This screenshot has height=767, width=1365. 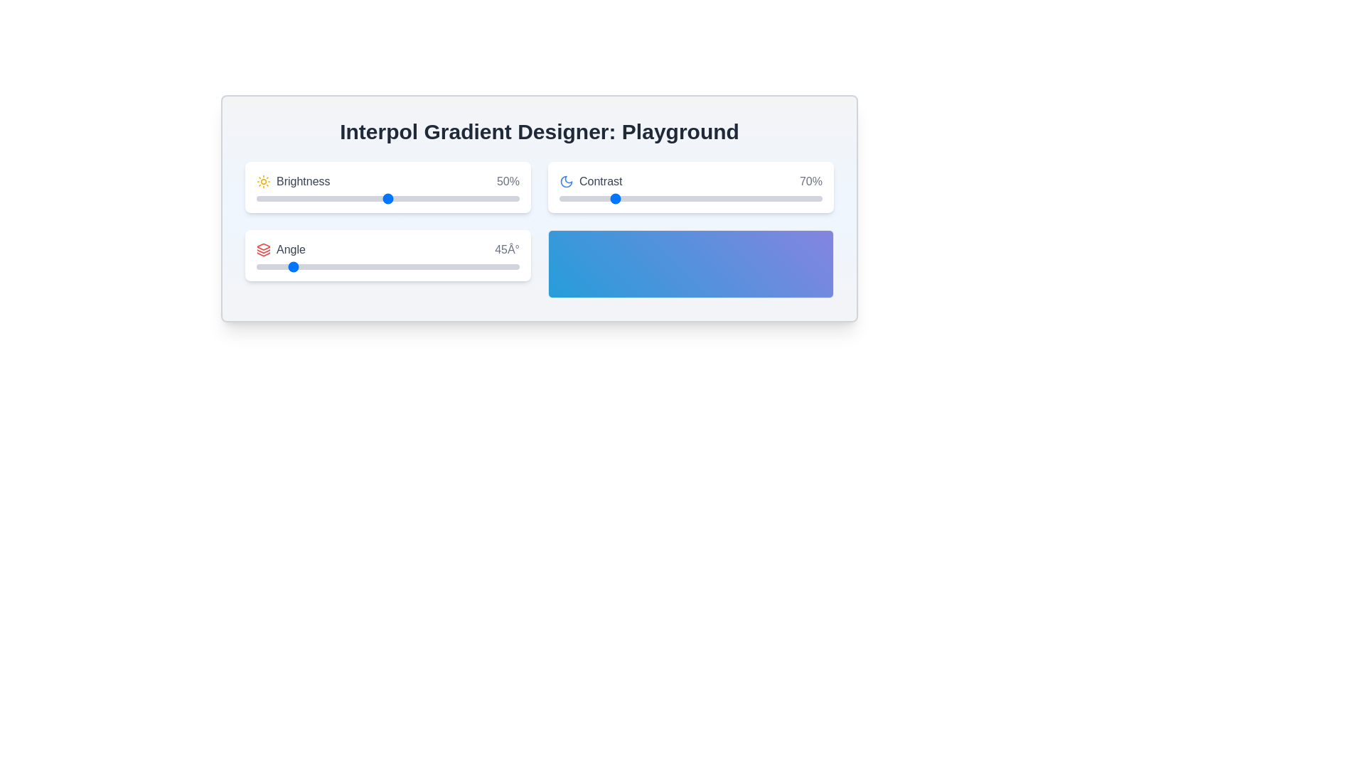 What do you see at coordinates (478, 266) in the screenshot?
I see `the angle` at bounding box center [478, 266].